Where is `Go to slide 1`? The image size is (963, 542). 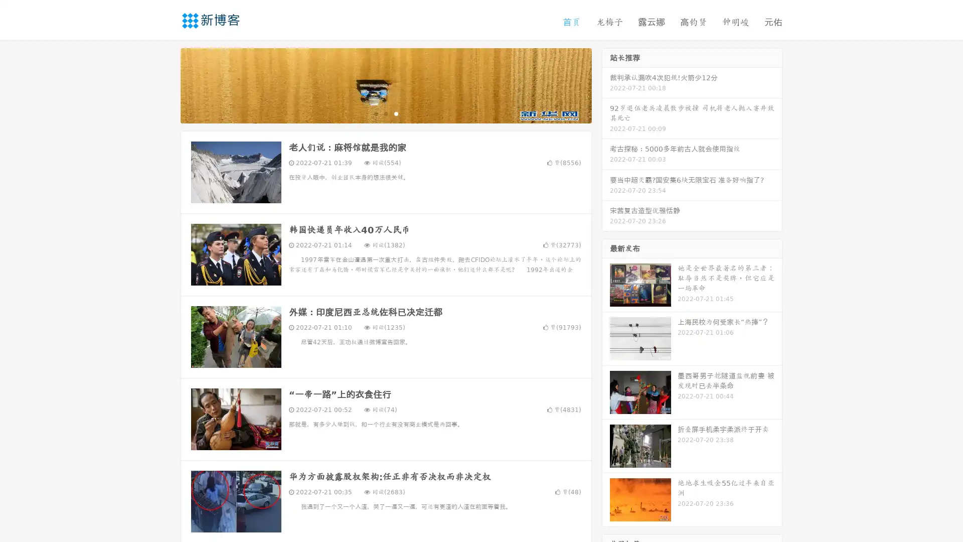 Go to slide 1 is located at coordinates (375, 113).